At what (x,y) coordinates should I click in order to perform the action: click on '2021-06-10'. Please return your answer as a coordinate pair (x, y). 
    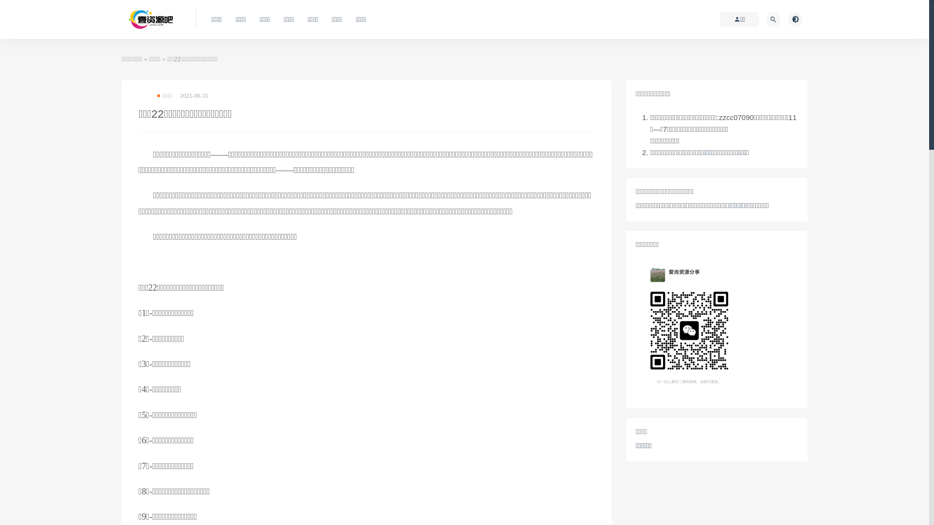
    Looking at the image, I should click on (194, 95).